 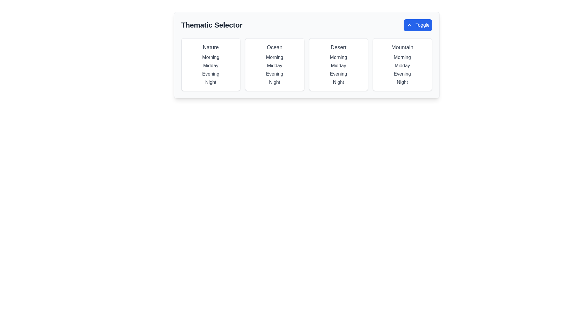 I want to click on the 'Night' label, which is the last item in the vertical group of labels within the 'Mountain' card, so click(x=402, y=82).